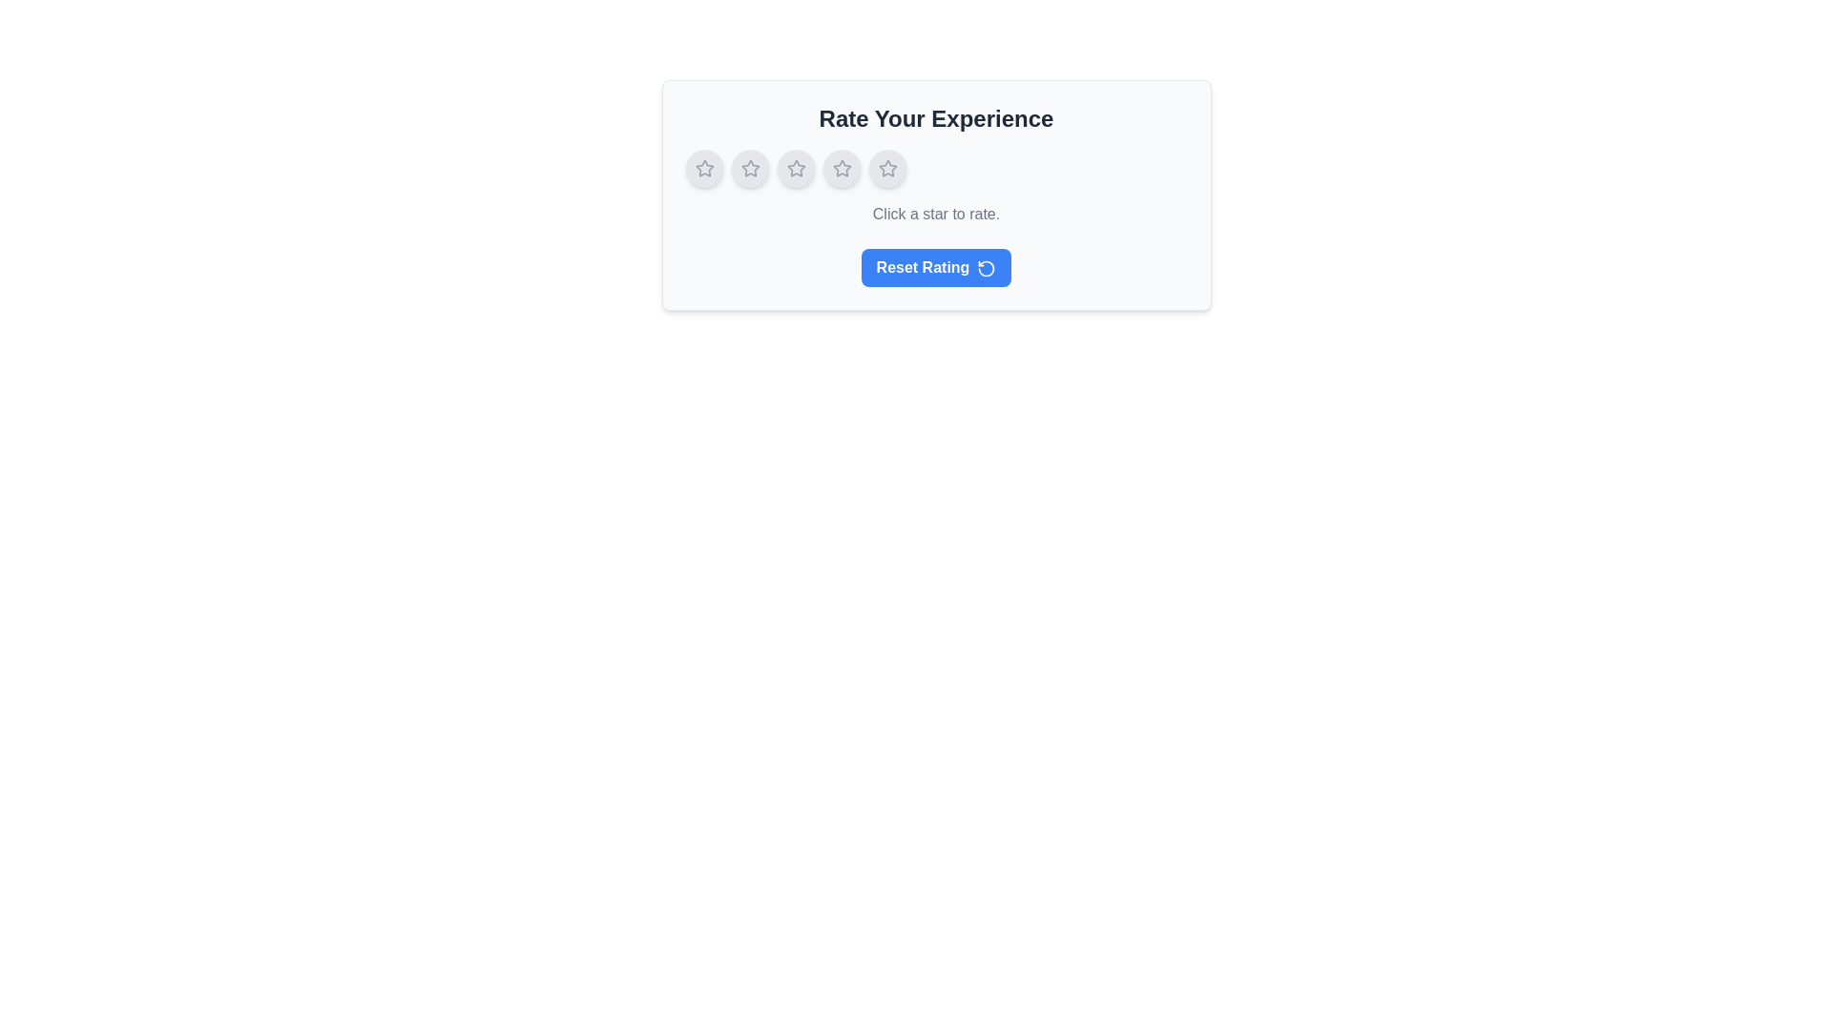 The image size is (1832, 1030). I want to click on the first star icon in the rating component, so click(703, 167).